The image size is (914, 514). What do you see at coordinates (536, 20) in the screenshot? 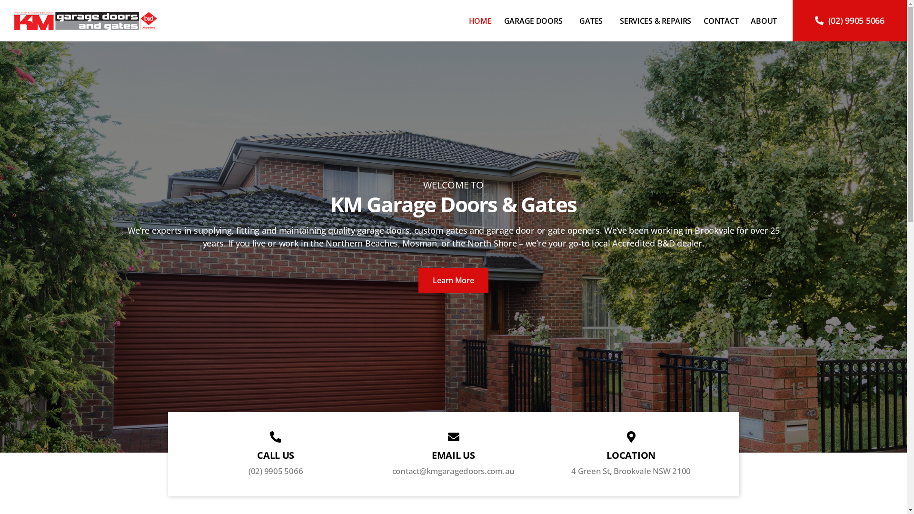
I see `'GARAGE DOORS'` at bounding box center [536, 20].